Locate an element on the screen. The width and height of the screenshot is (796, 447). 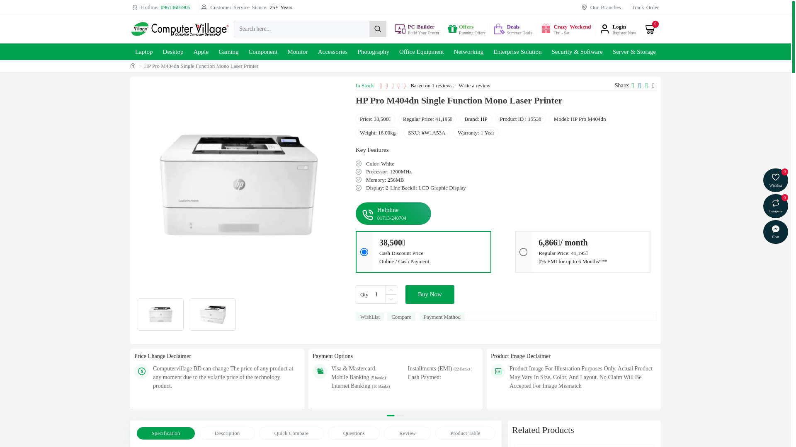
'Desktop' is located at coordinates (172, 51).